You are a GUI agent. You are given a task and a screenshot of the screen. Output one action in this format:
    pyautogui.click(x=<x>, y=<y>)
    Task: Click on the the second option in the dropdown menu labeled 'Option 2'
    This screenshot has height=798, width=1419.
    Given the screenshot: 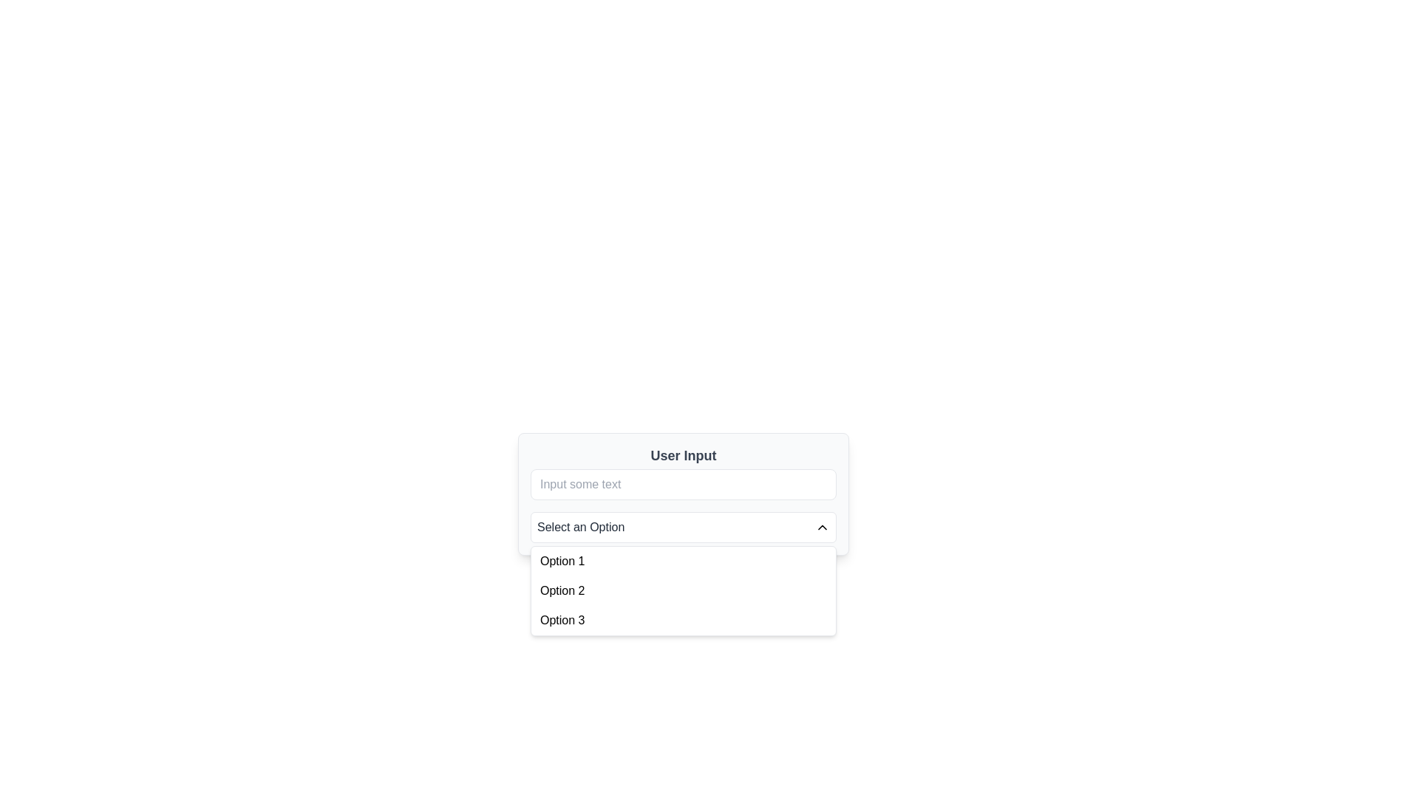 What is the action you would take?
    pyautogui.click(x=683, y=590)
    